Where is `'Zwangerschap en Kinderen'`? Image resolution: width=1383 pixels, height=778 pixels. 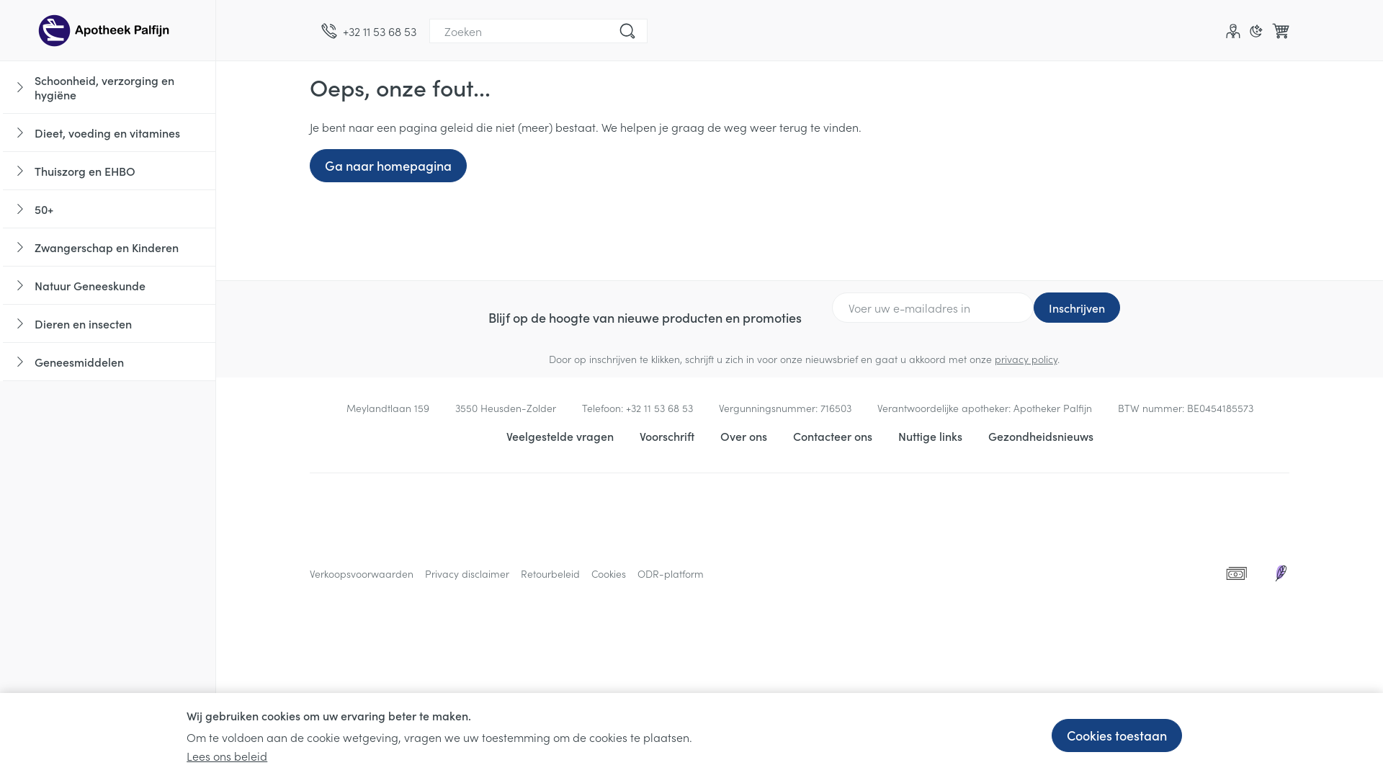 'Zwangerschap en Kinderen' is located at coordinates (108, 246).